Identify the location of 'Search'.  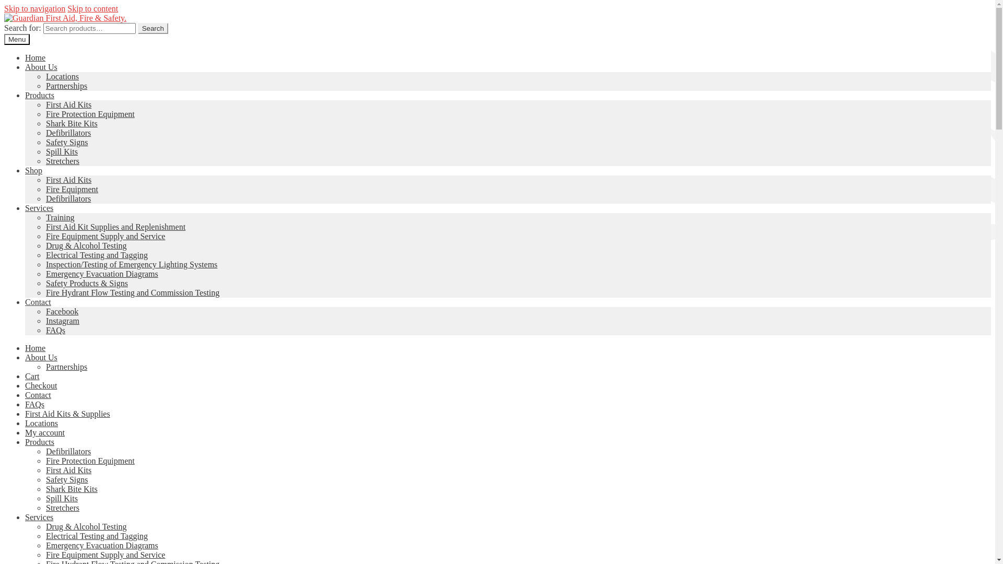
(152, 28).